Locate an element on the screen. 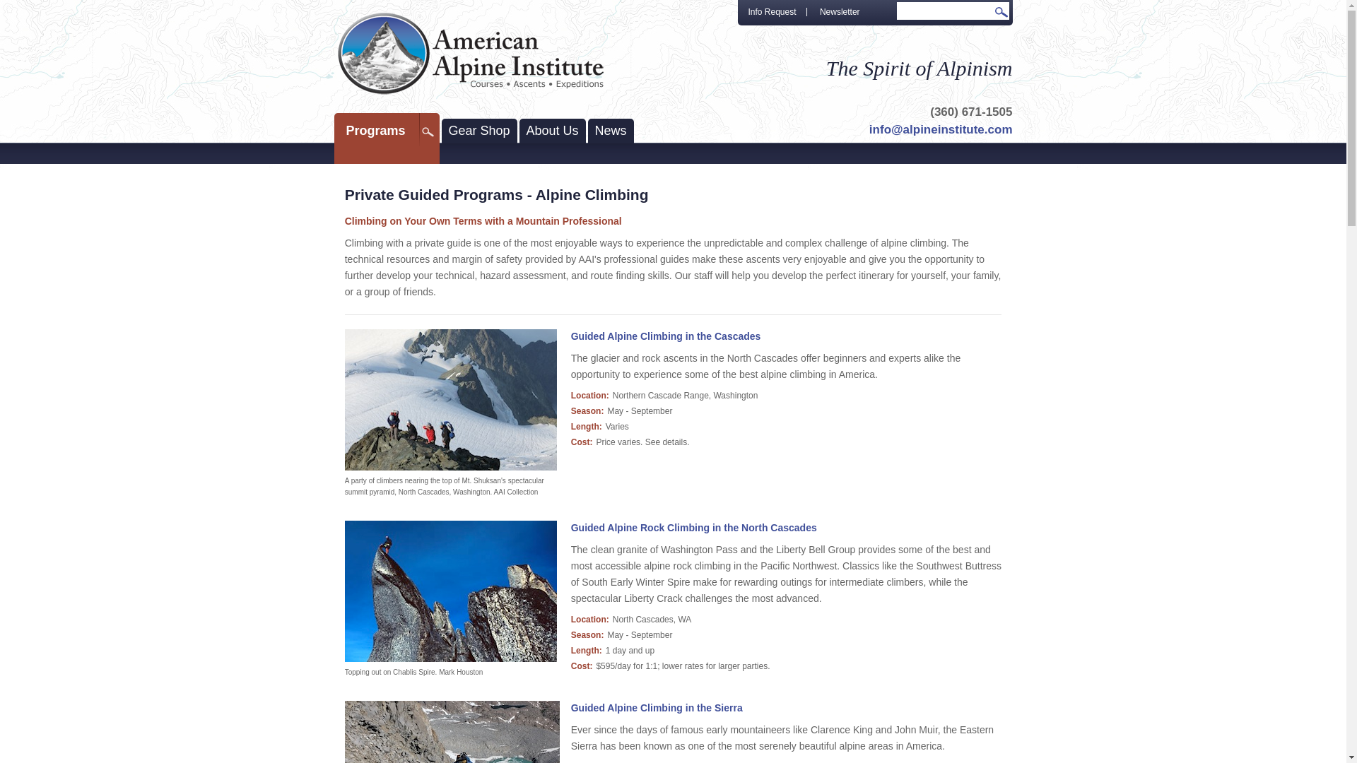 The image size is (1357, 763). 'Guided Alpine Climbing in the Sierra' is located at coordinates (656, 708).